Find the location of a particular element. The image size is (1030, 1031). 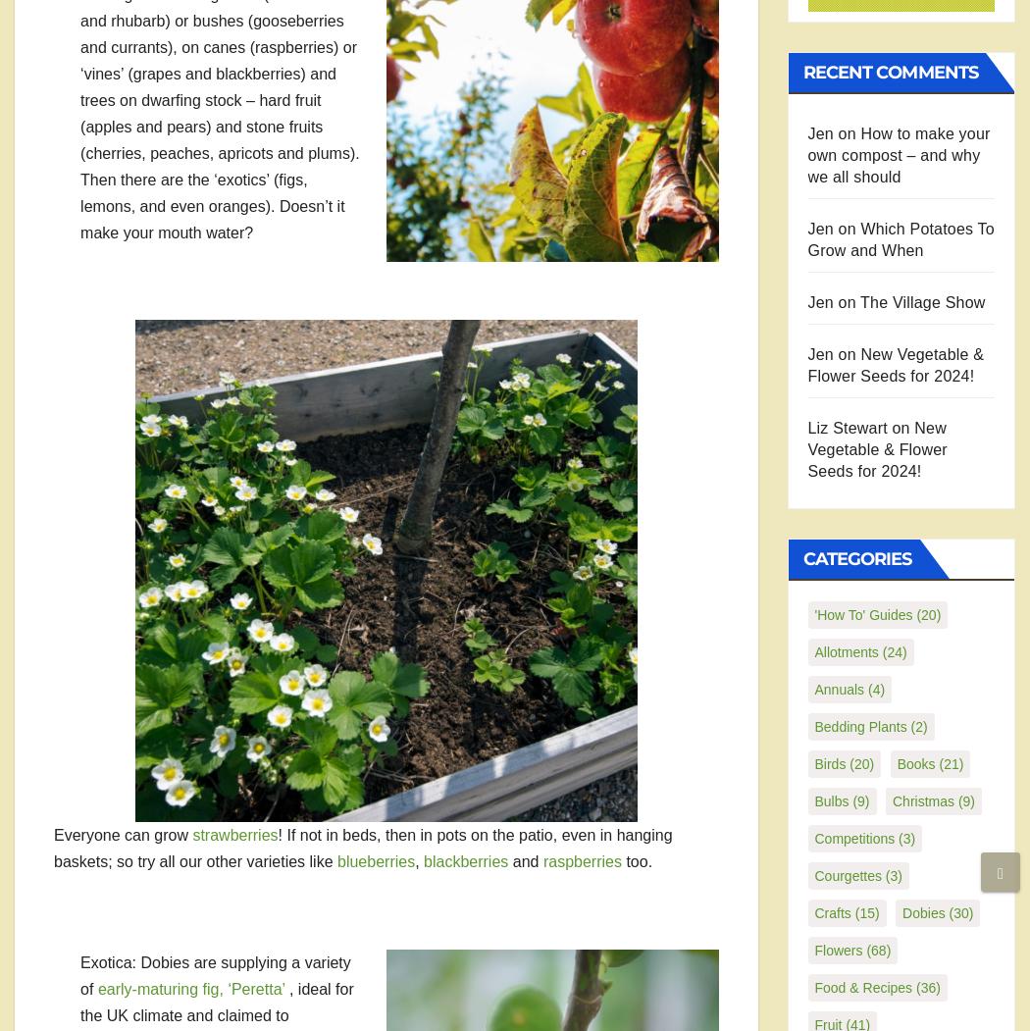

'Recent Comments' is located at coordinates (800, 71).